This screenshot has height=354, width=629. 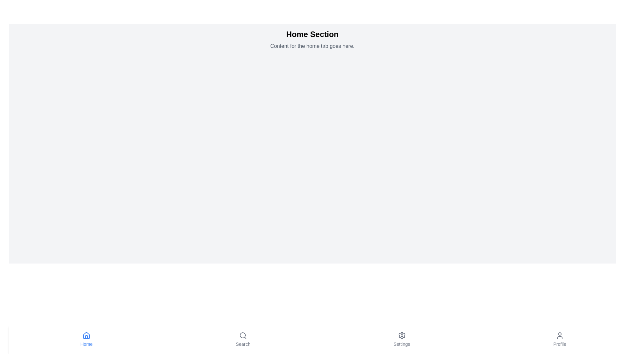 I want to click on the user profile icon located in the bottom-right corner of the interface, so click(x=559, y=335).